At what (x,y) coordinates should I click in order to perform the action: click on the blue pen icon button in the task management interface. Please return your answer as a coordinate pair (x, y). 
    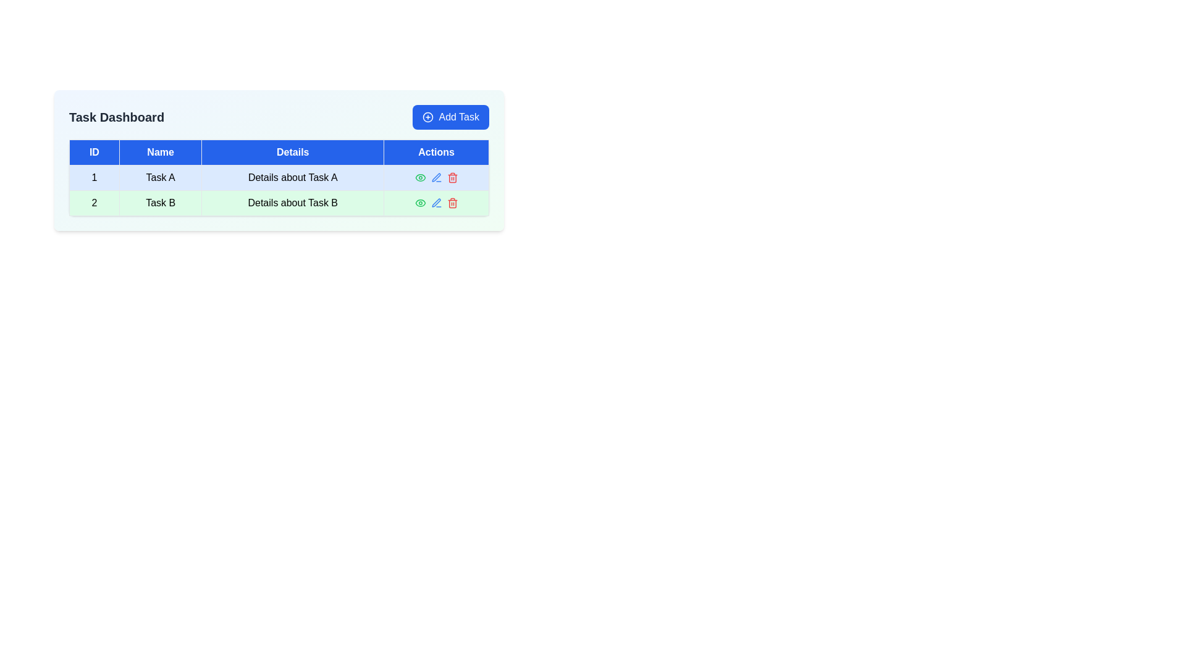
    Looking at the image, I should click on (436, 178).